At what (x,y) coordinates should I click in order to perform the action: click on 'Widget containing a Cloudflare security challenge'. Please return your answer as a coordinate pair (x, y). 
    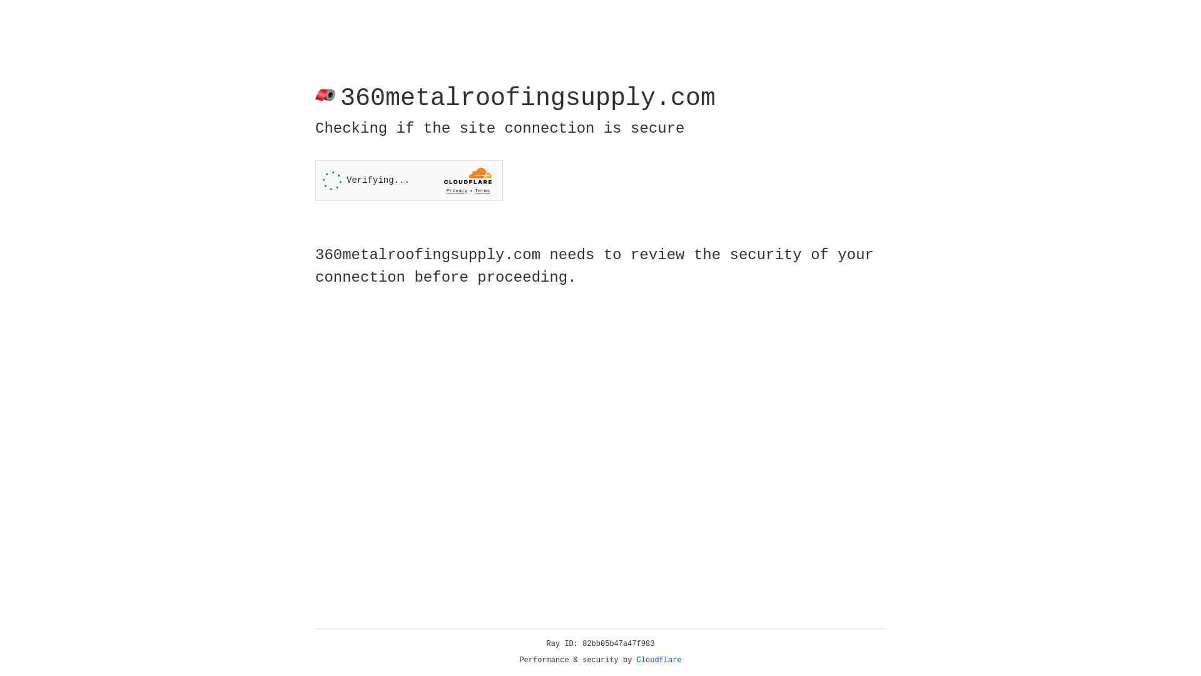
    Looking at the image, I should click on (408, 180).